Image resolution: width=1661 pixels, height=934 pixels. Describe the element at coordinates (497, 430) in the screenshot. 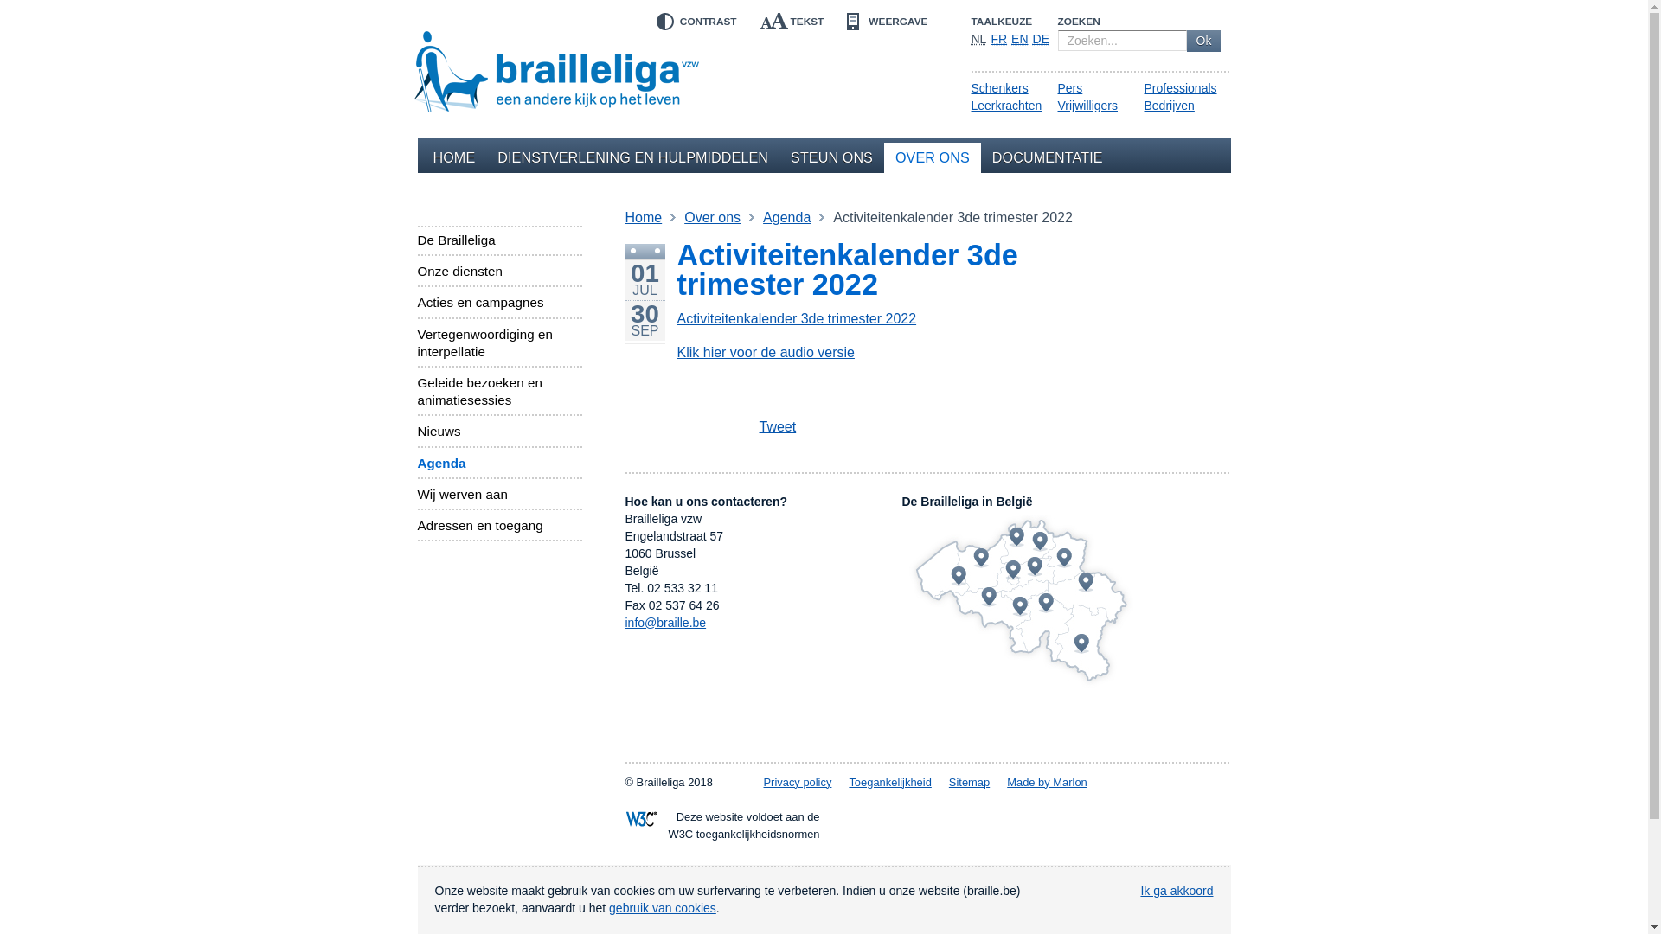

I see `'Nieuws'` at that location.